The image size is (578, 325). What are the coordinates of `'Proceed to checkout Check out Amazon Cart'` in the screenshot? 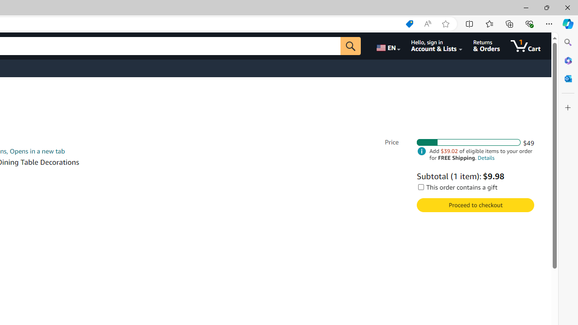 It's located at (475, 205).